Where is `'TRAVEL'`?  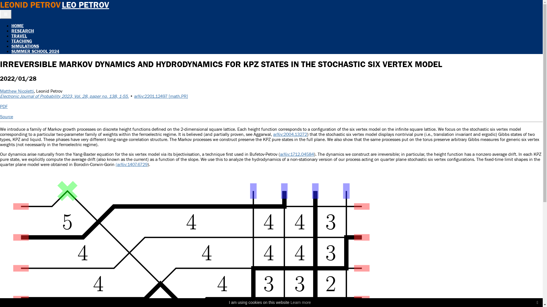
'TRAVEL' is located at coordinates (19, 36).